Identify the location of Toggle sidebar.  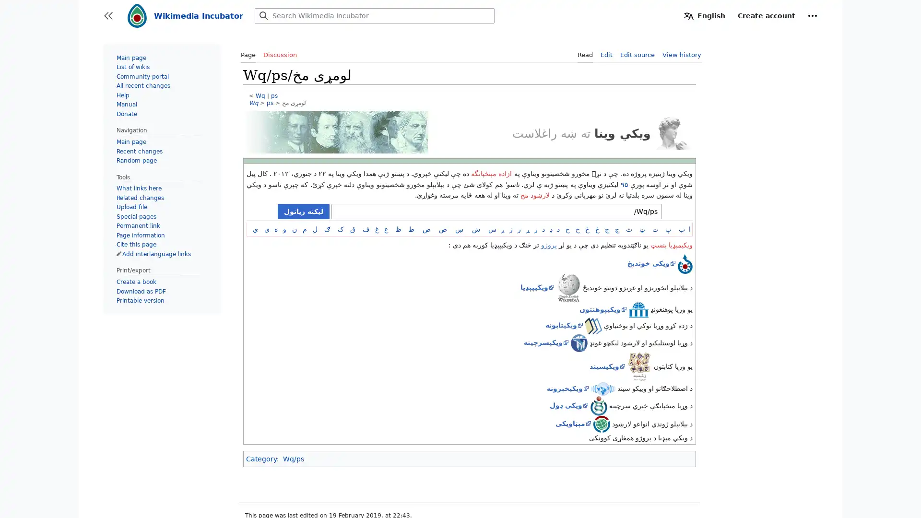
(108, 16).